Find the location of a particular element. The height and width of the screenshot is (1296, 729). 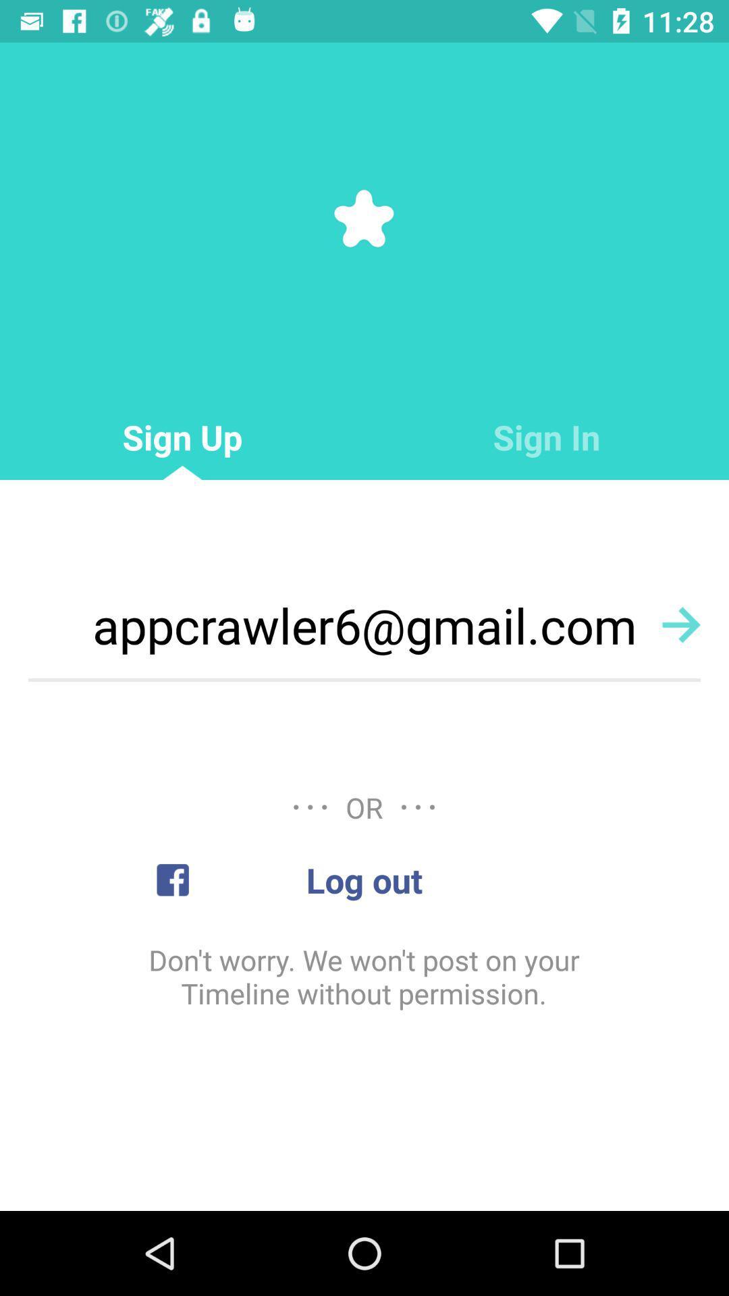

the appcrawler6@gmail.com icon is located at coordinates (364, 624).